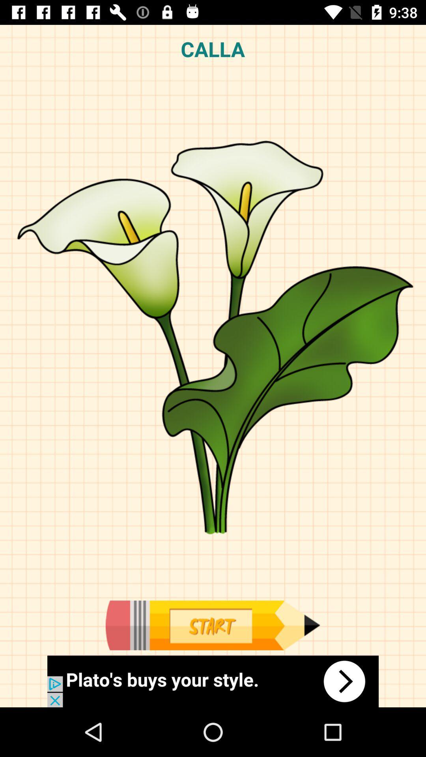 This screenshot has width=426, height=757. Describe the element at coordinates (213, 681) in the screenshot. I see `advertisement page` at that location.